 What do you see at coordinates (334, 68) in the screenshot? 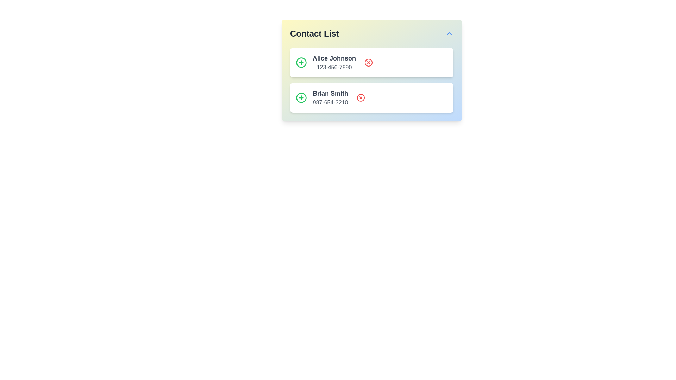
I see `the text display element showing '123-456-7890', which is styled in gray and located below 'Alice Johnson' in the first contact card of the 'Contact List' interface` at bounding box center [334, 68].